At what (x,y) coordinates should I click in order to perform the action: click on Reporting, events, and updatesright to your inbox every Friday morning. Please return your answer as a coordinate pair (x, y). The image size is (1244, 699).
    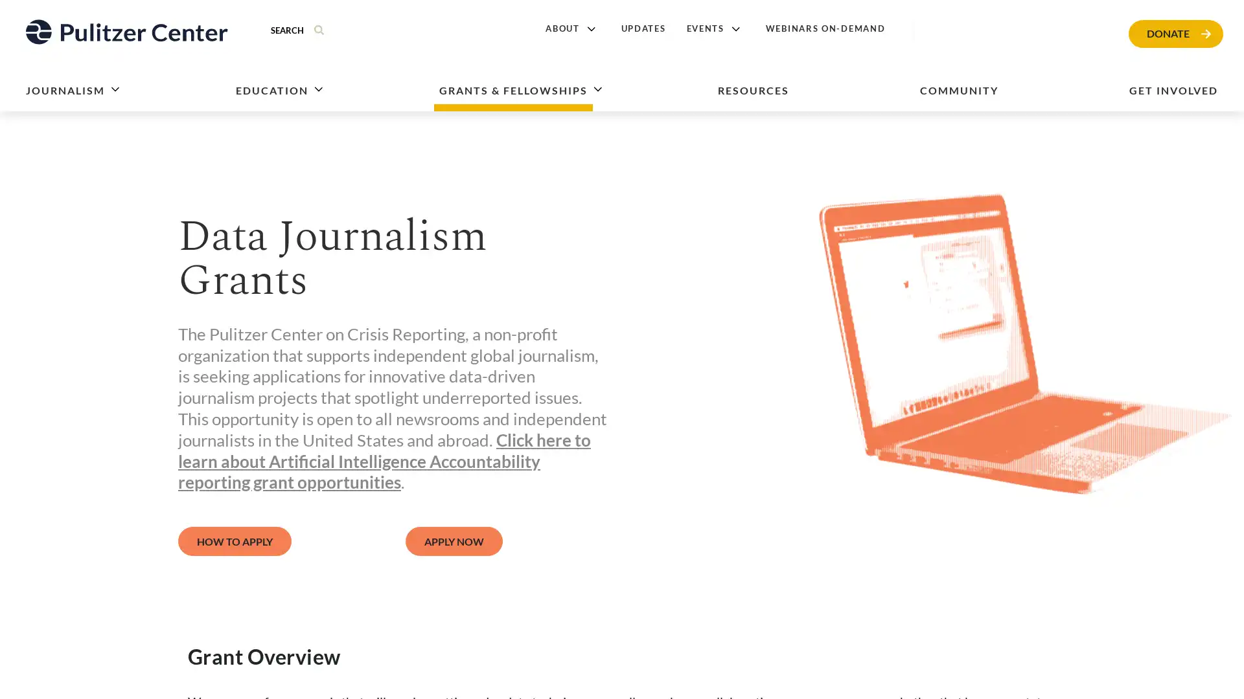
    Looking at the image, I should click on (503, 375).